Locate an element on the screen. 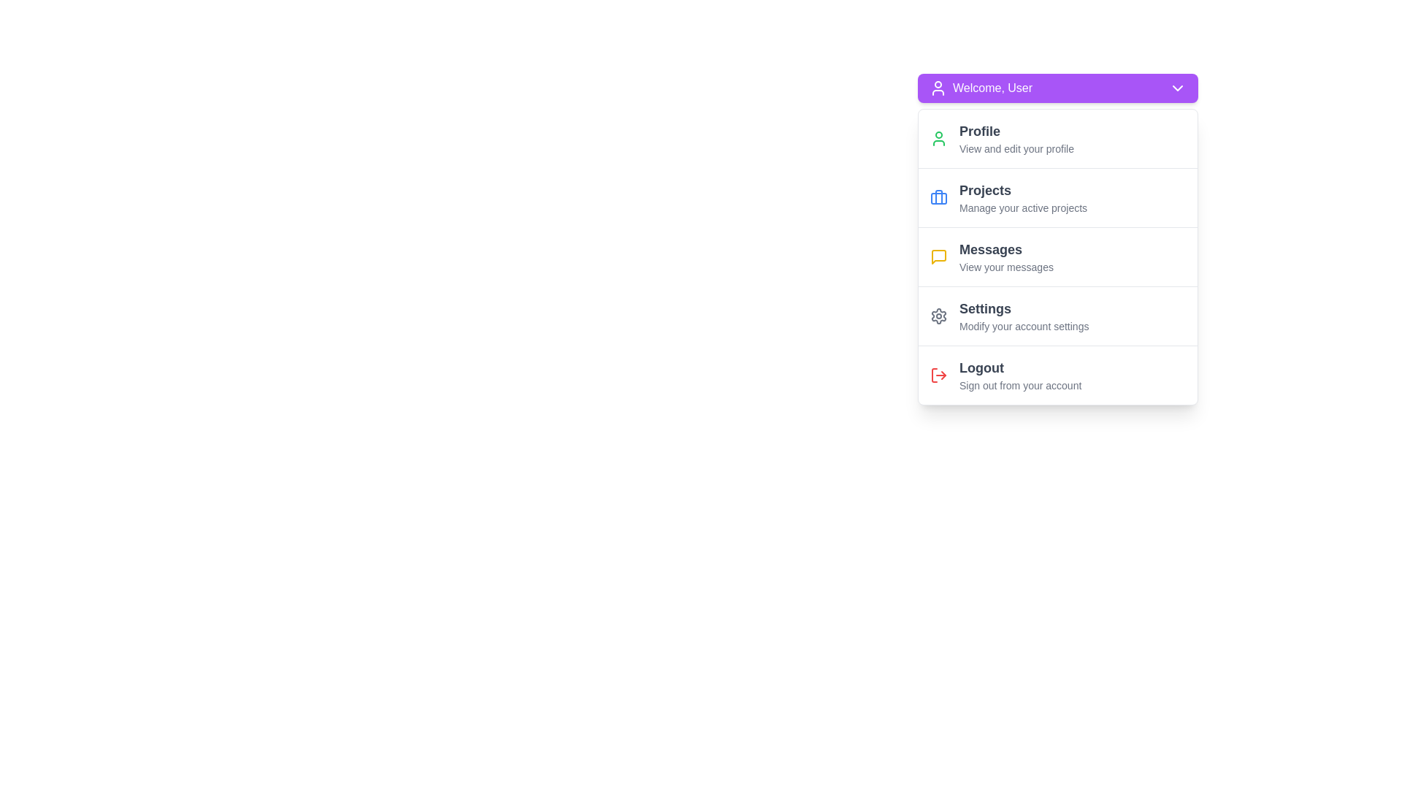  the fourth list item in the dropdown menu that modifies account settings, located between 'Messages' and 'Logout' is located at coordinates (1023, 315).